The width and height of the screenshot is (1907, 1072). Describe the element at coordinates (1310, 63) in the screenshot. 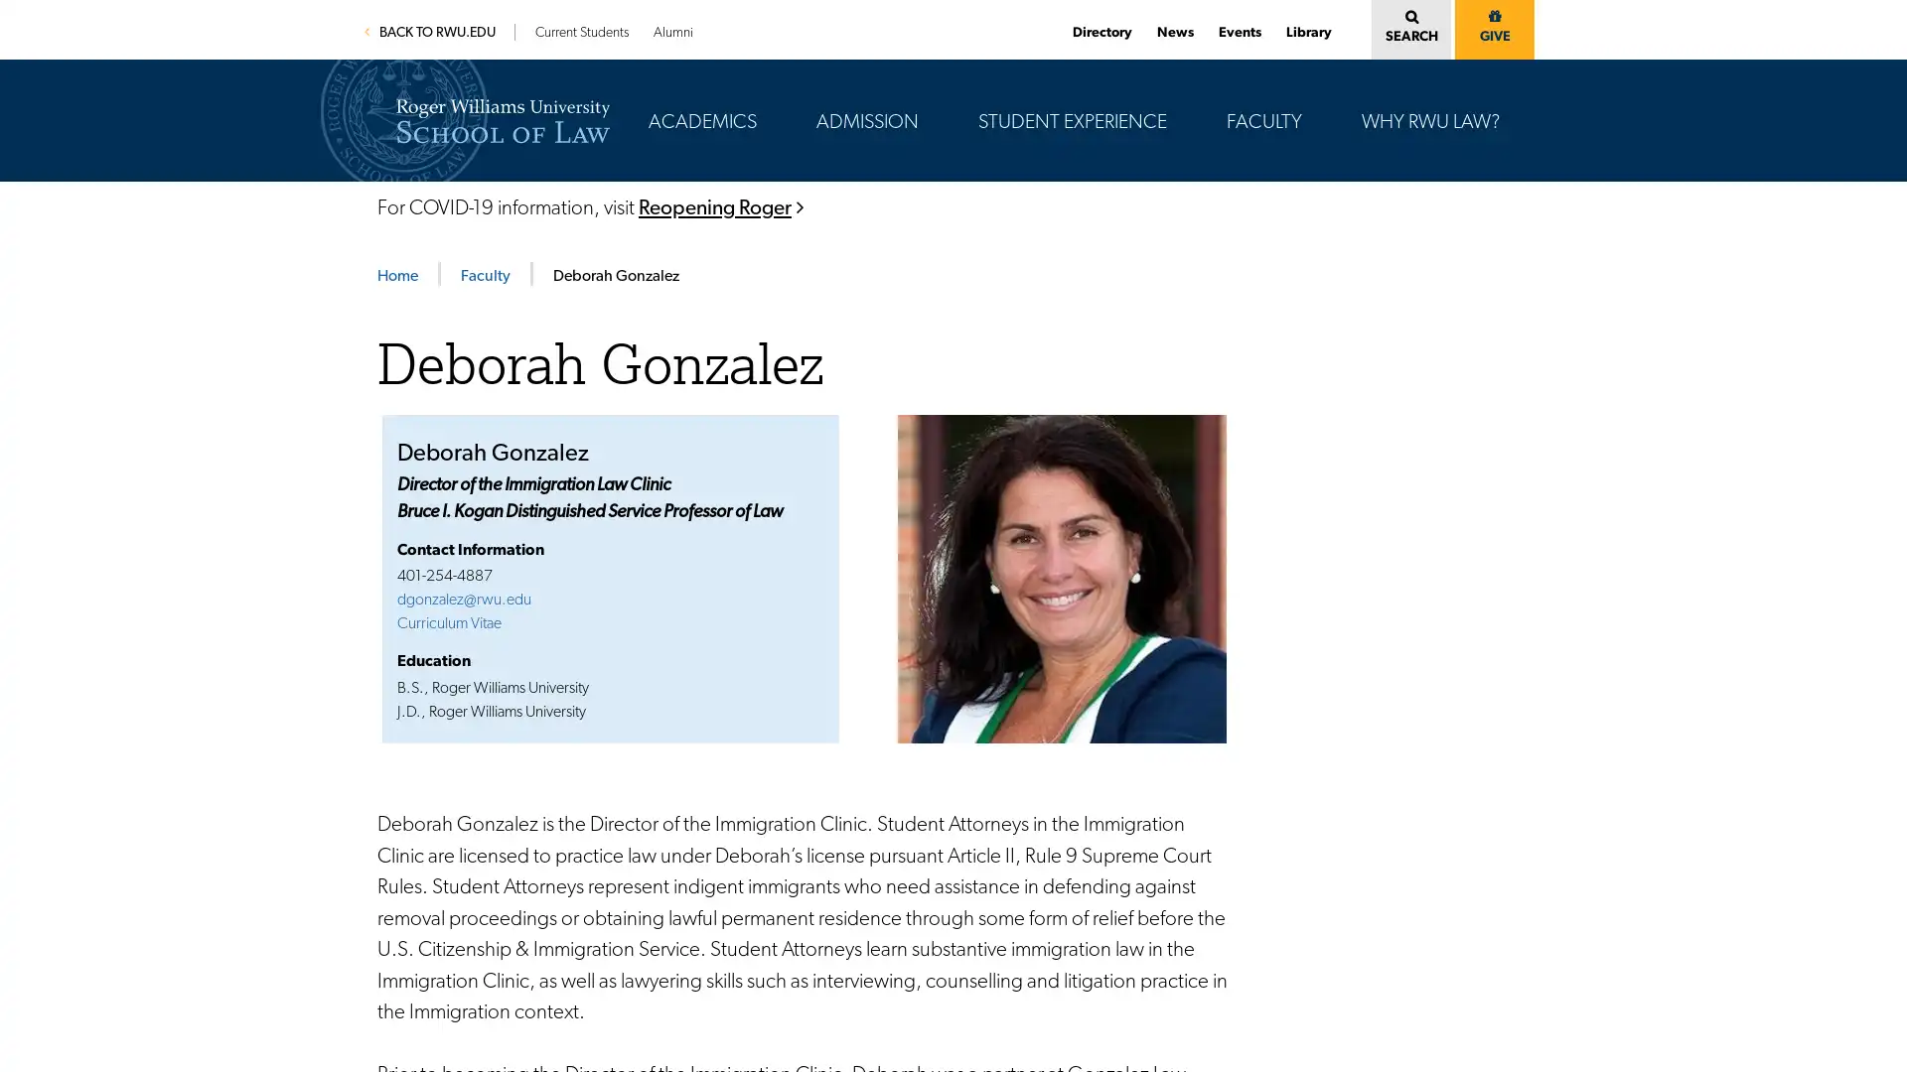

I see `Open the Faculty menu` at that location.